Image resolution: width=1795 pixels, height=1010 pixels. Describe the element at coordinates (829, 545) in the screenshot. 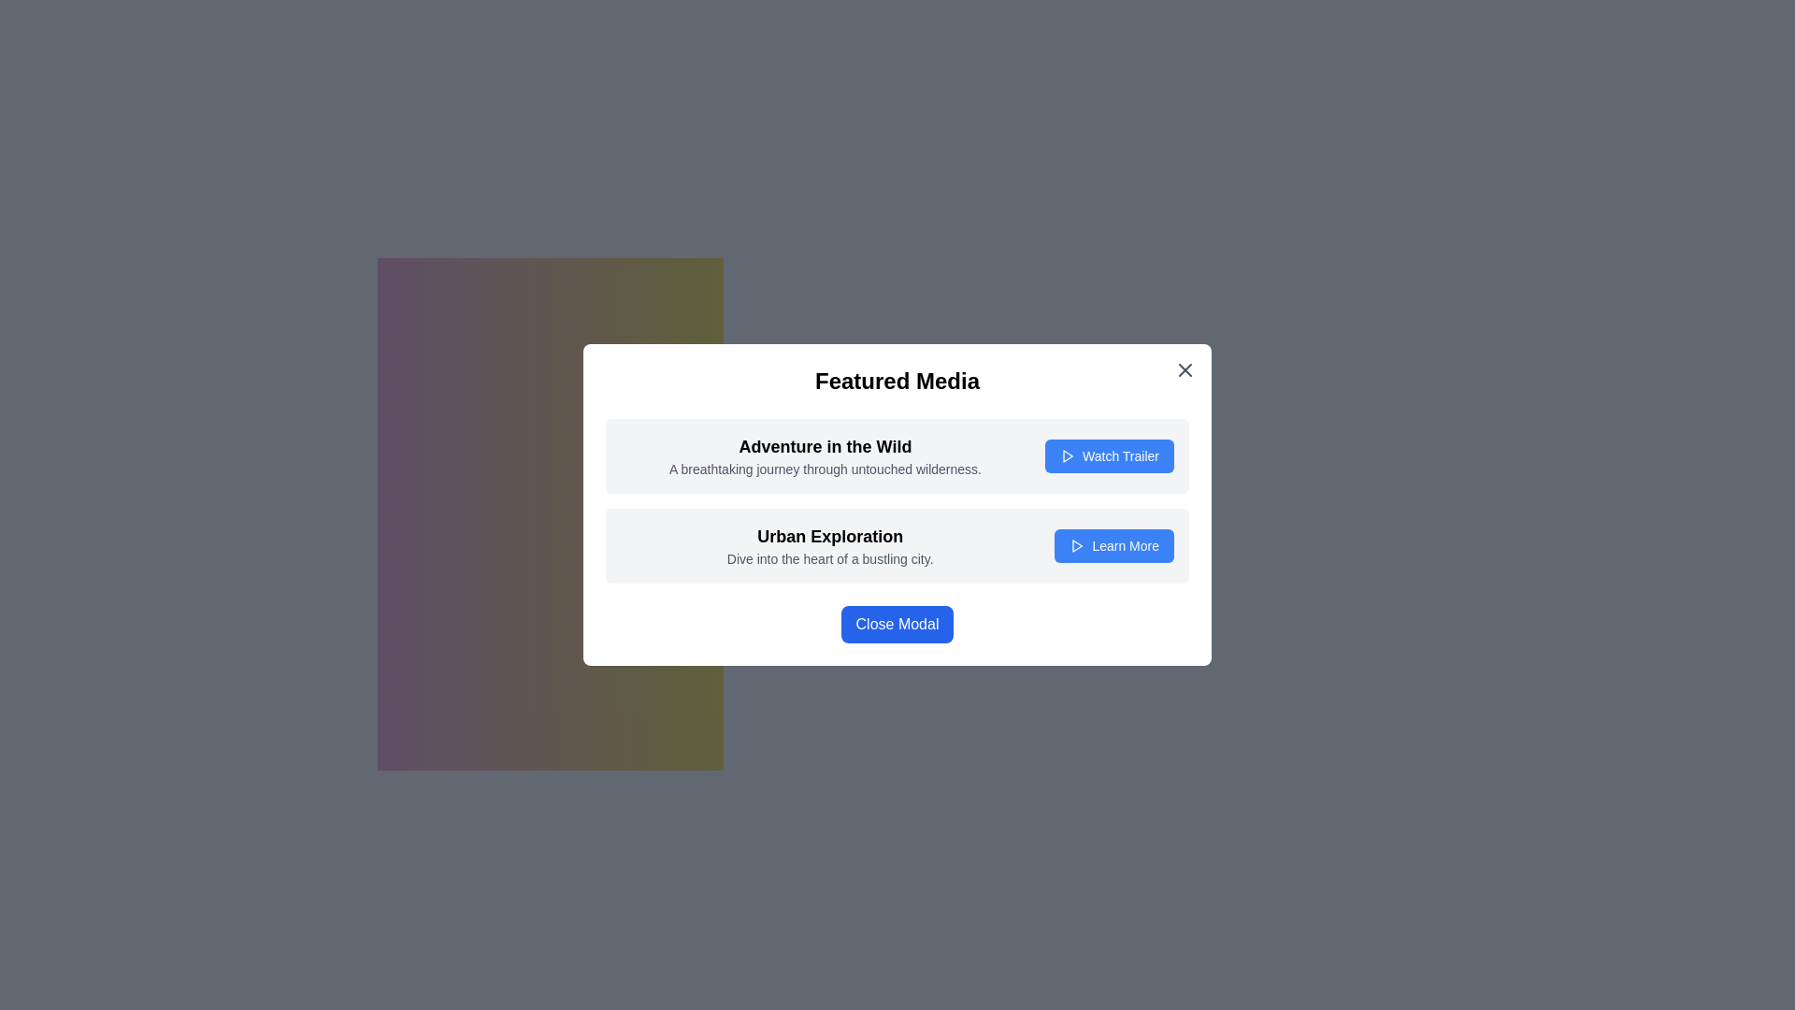

I see `the static text block that serves as a descriptive feature label for the 'Urban Exploration' media item, which includes a bold header and a lighter paragraph` at that location.